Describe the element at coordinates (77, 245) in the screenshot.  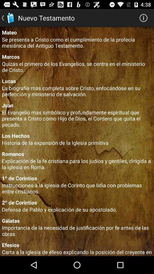
I see `app below importancia de la app` at that location.